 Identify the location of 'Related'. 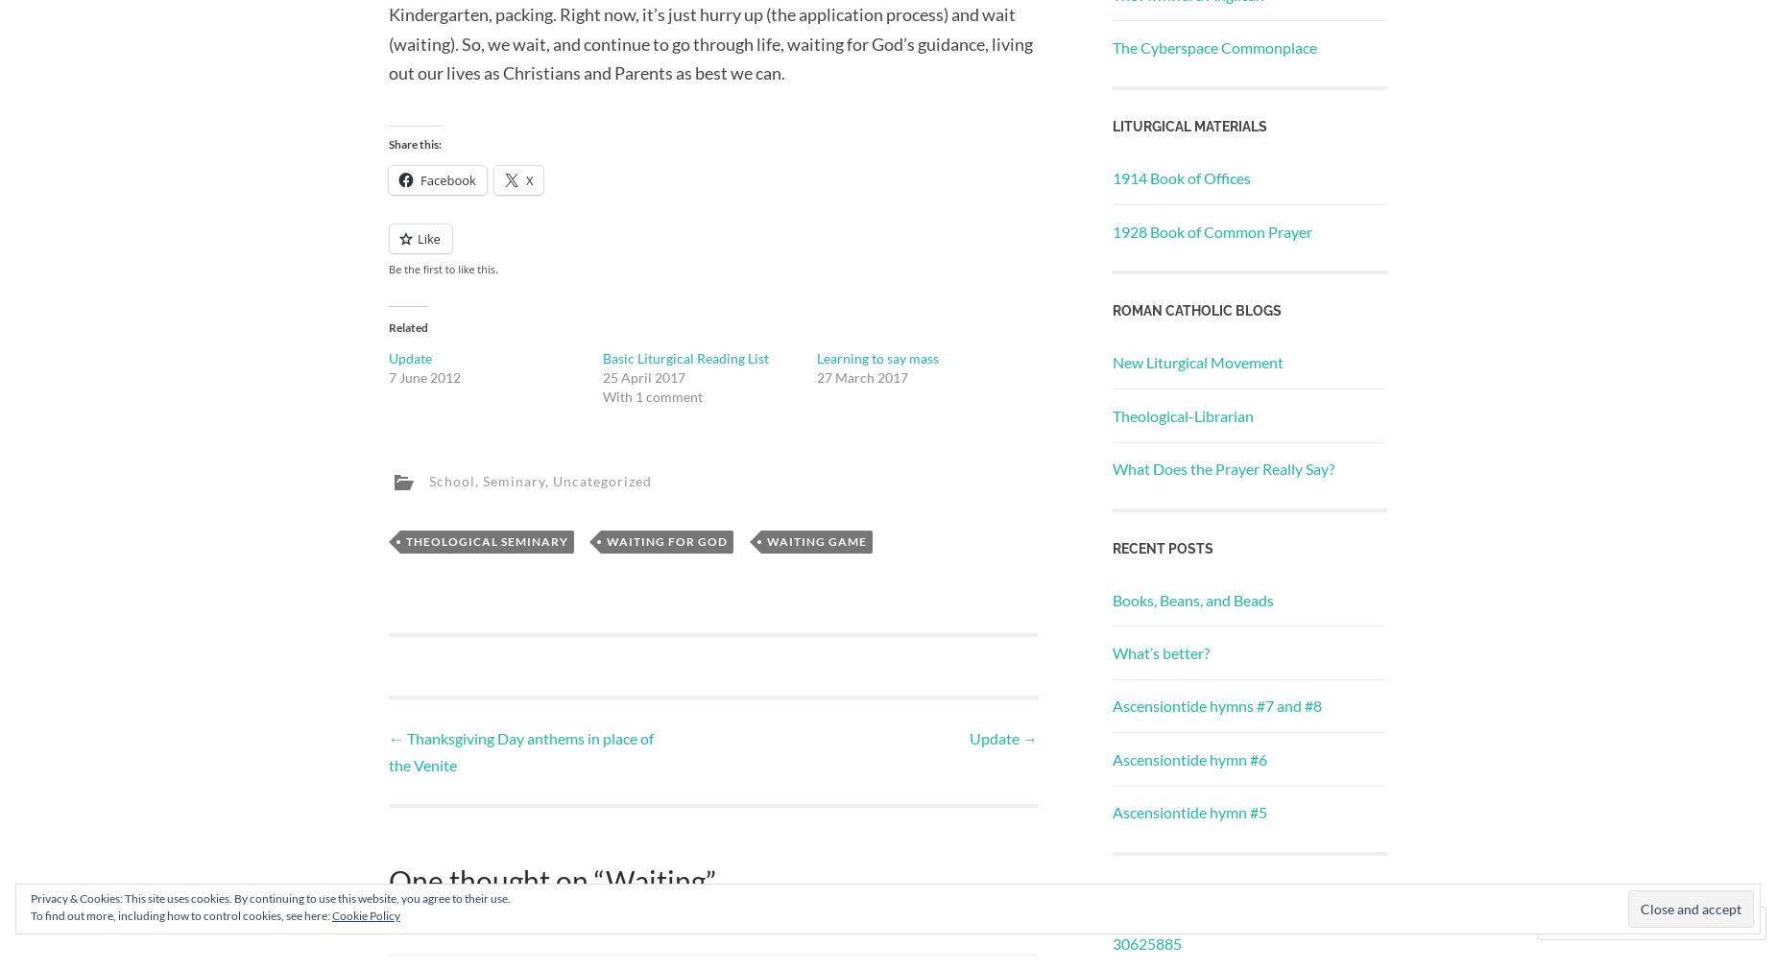
(407, 326).